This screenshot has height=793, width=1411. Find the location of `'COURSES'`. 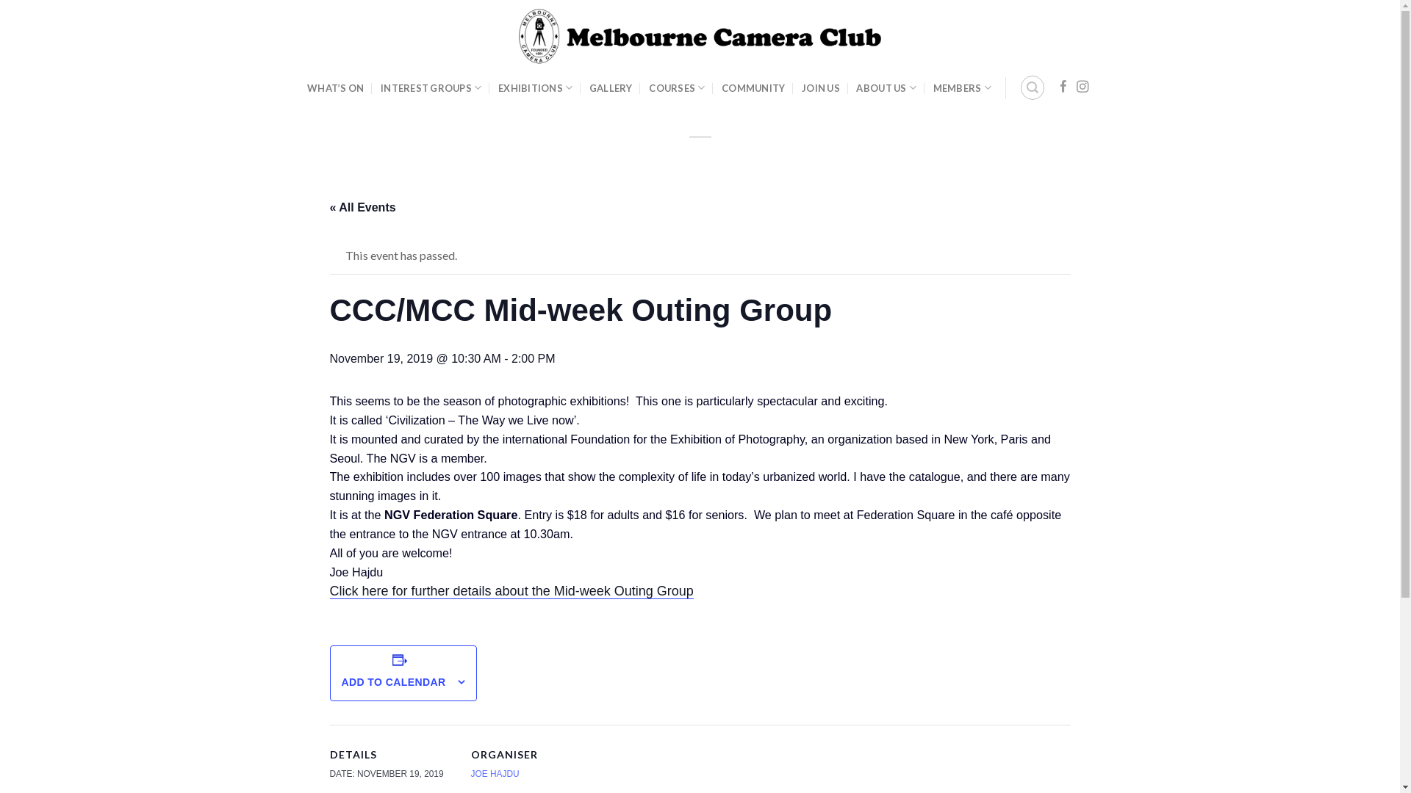

'COURSES' is located at coordinates (676, 87).